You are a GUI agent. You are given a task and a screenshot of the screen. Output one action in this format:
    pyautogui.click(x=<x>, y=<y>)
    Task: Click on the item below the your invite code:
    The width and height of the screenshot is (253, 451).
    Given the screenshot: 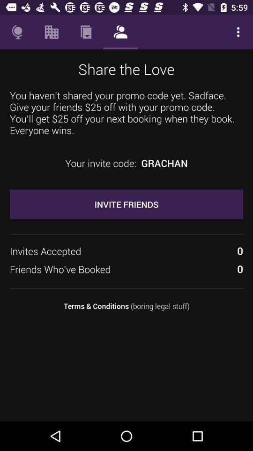 What is the action you would take?
    pyautogui.click(x=126, y=204)
    